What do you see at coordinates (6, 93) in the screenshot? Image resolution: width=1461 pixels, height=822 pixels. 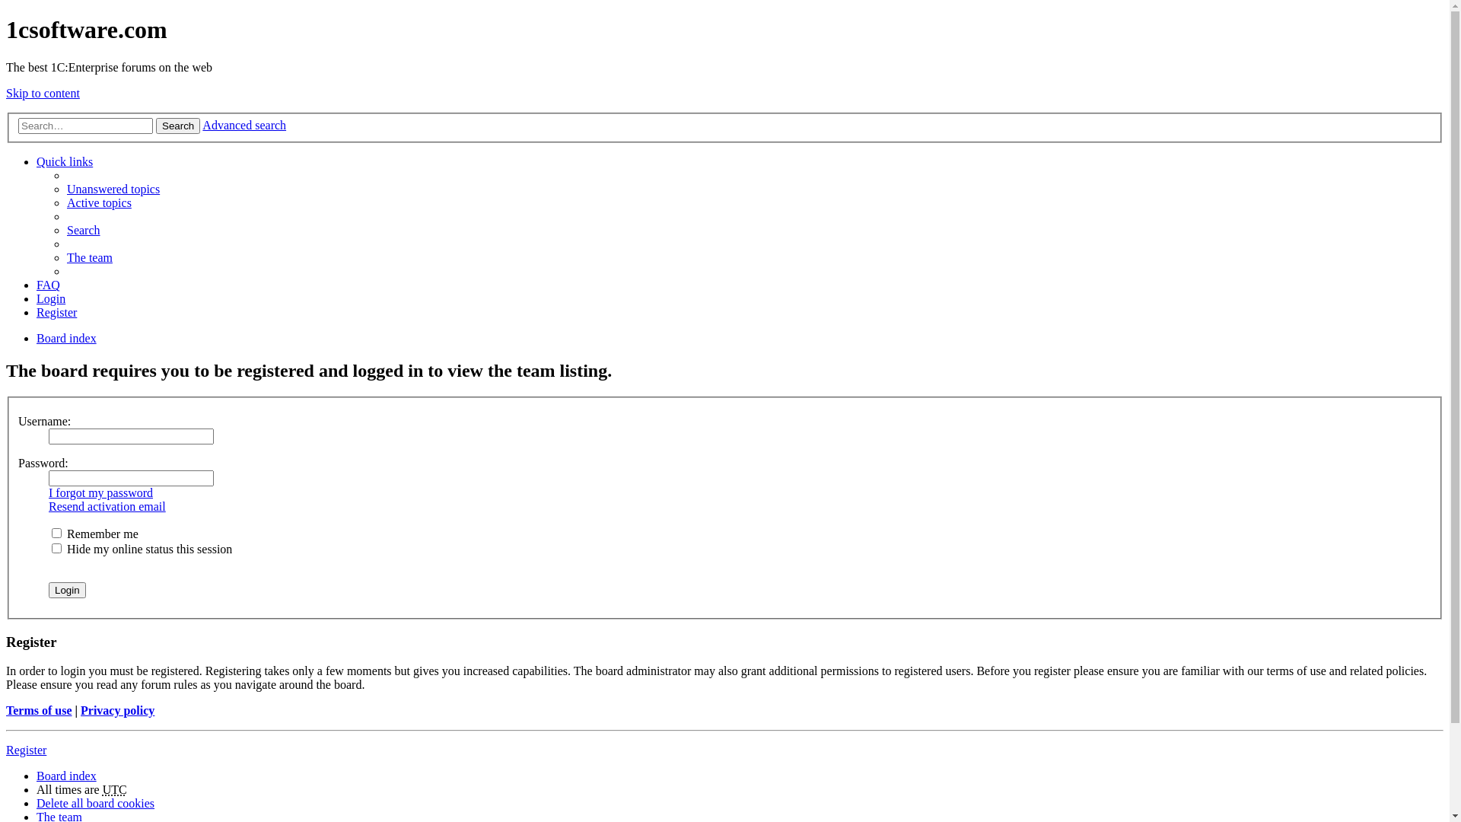 I see `'Skip to content'` at bounding box center [6, 93].